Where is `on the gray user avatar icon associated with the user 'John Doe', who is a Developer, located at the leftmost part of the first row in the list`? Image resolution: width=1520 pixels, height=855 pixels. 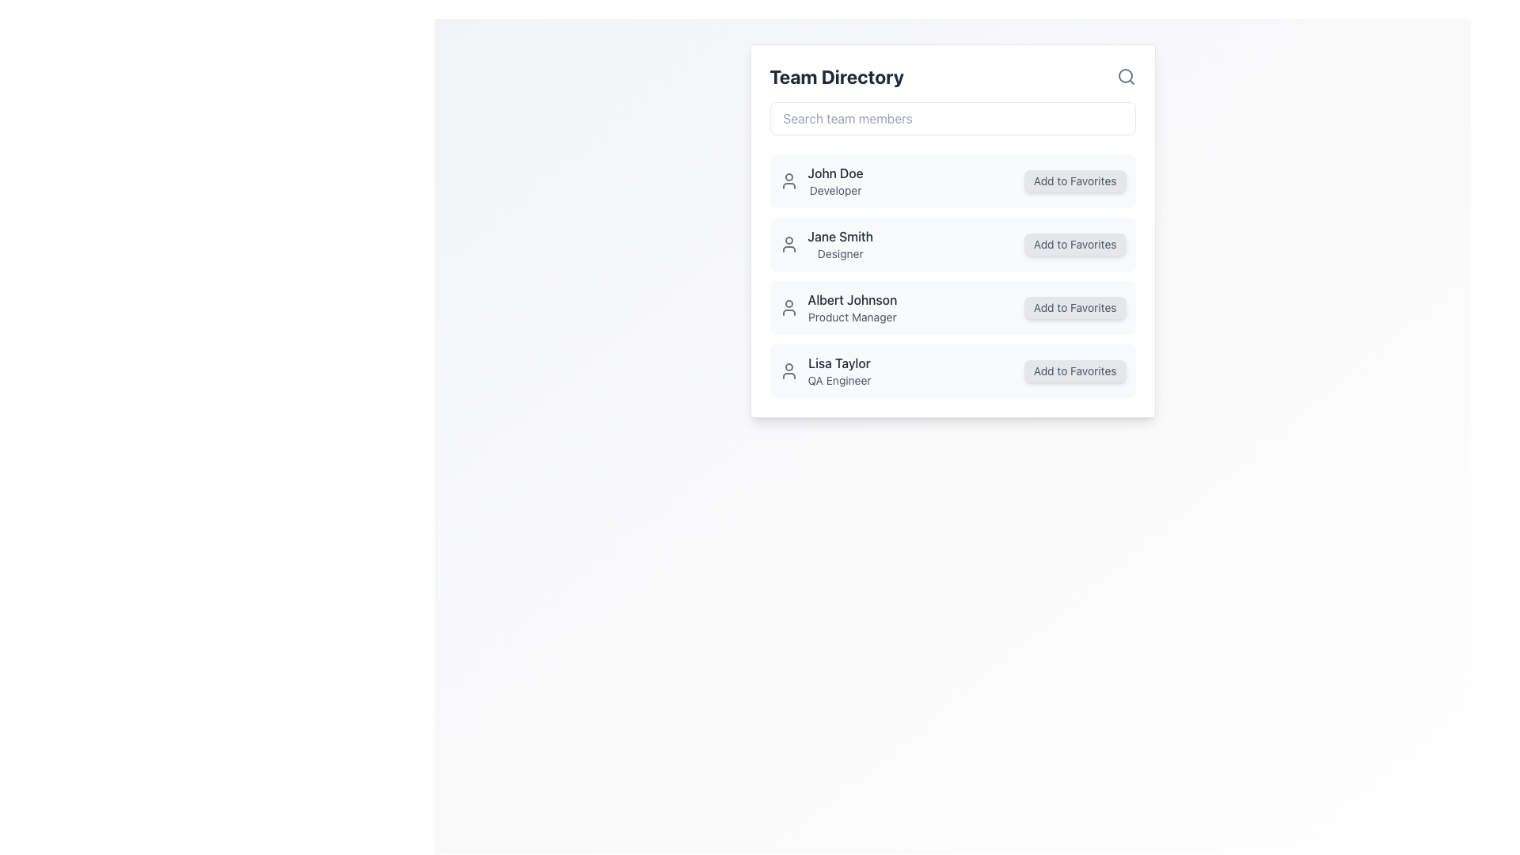
on the gray user avatar icon associated with the user 'John Doe', who is a Developer, located at the leftmost part of the first row in the list is located at coordinates (788, 180).